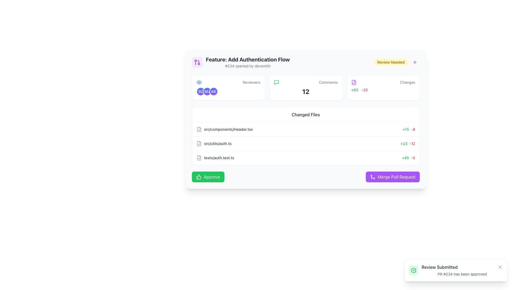 The width and height of the screenshot is (516, 290). Describe the element at coordinates (405, 157) in the screenshot. I see `the value of the text label displaying '+45' styled in green font, which is located next to the red text label '-0' in the 'Changed Files' section` at that location.